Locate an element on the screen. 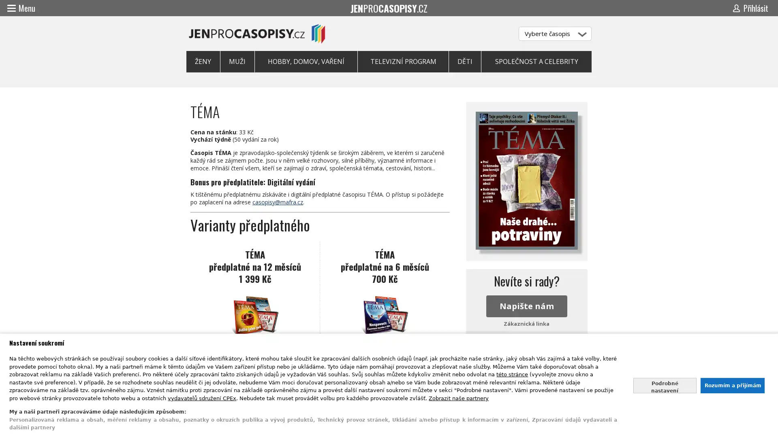 This screenshot has width=778, height=437. Zobrazit nase partnery is located at coordinates (459, 397).